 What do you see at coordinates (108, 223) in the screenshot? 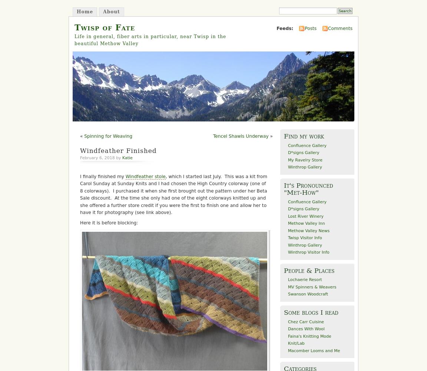
I see `'Here it is before blocking:'` at bounding box center [108, 223].